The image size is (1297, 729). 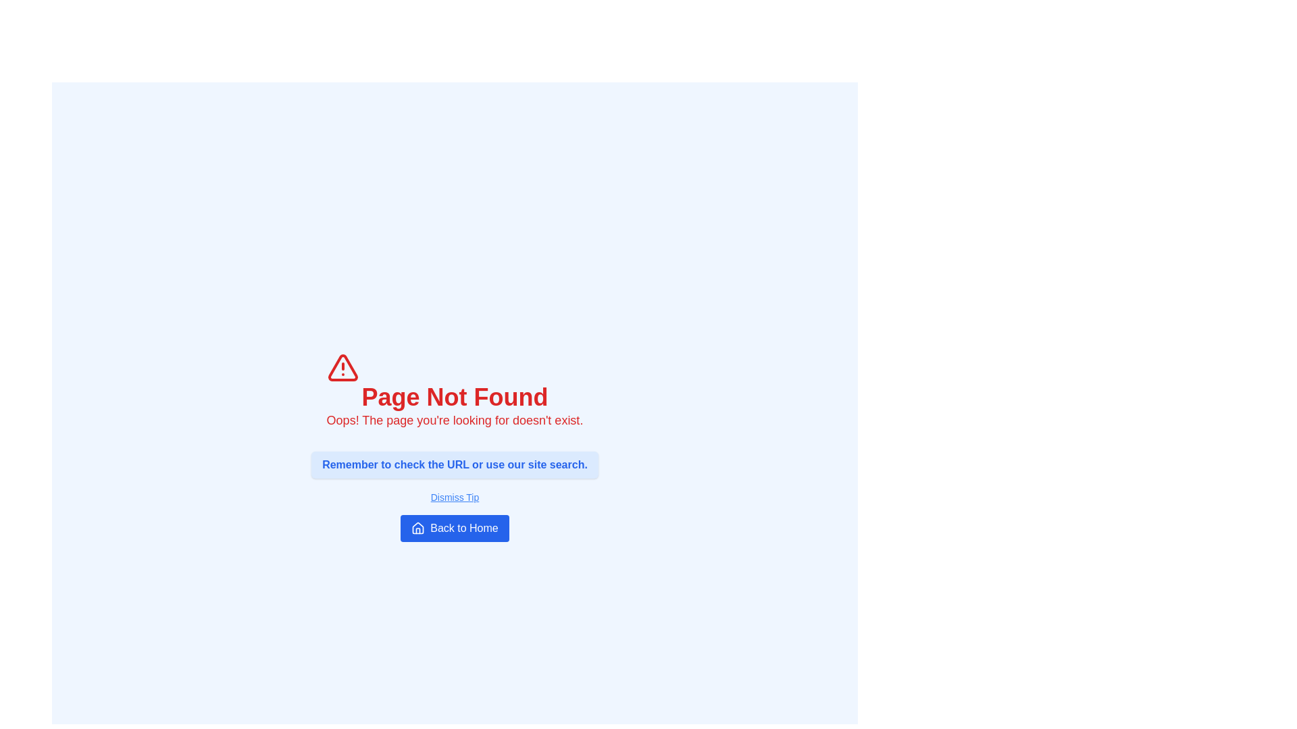 I want to click on the hyperlink that allows users to dismiss or hide a displayed informational tip or message, positioned under the text 'Remember to check the URL or use our site search.', so click(x=455, y=497).